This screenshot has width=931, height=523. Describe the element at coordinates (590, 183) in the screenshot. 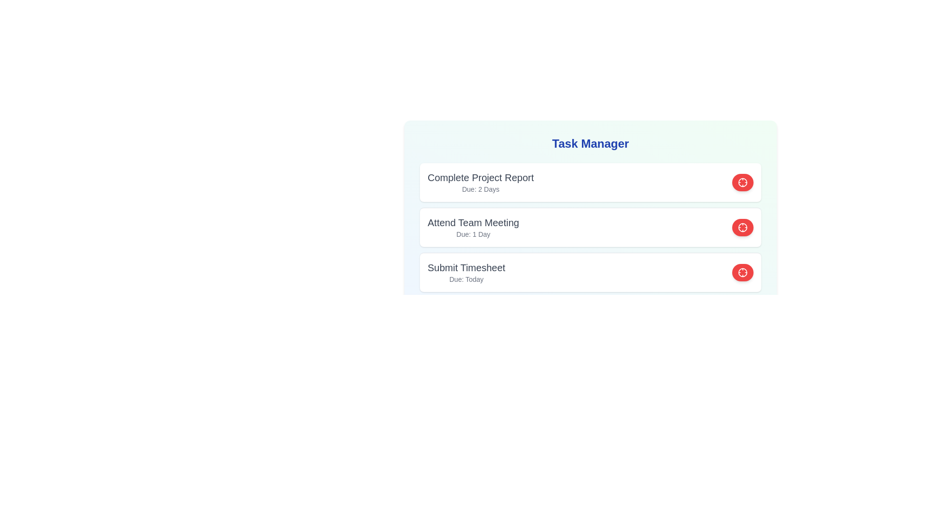

I see `the first task block in the task manager interface that contains a red circular button for actions such as delete or complete` at that location.